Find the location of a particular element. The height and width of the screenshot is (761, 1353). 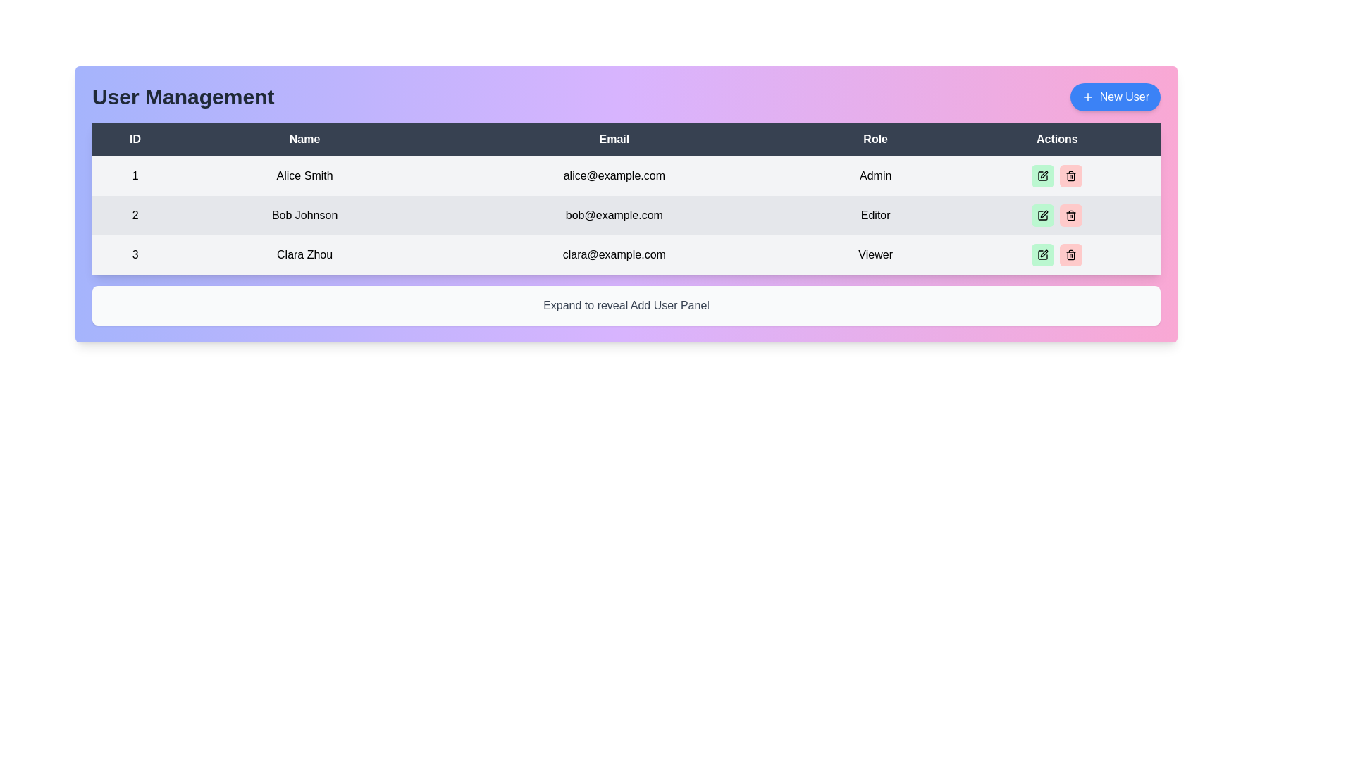

the 'Add User' button located at the top-right corner of the interface, next to the 'User Management' title is located at coordinates (1114, 97).